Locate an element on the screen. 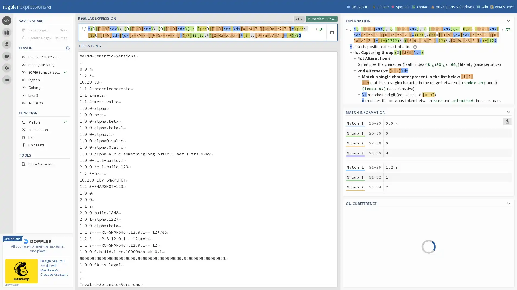 The image size is (517, 290). Collapse Subtree is located at coordinates (356, 137).